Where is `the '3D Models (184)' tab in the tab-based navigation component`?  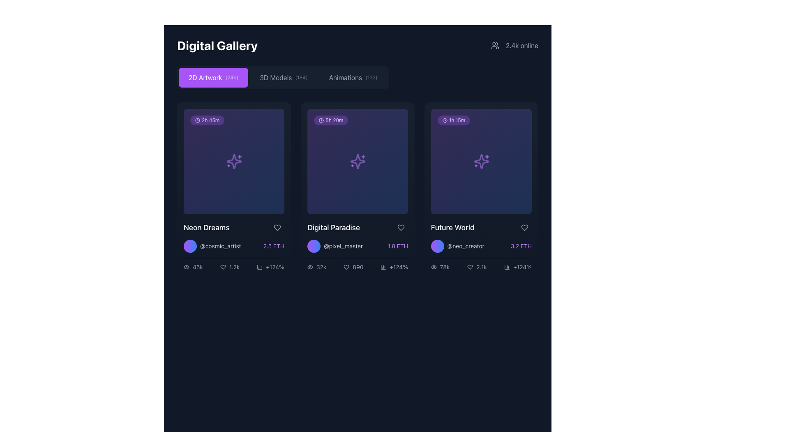
the '3D Models (184)' tab in the tab-based navigation component is located at coordinates (283, 78).